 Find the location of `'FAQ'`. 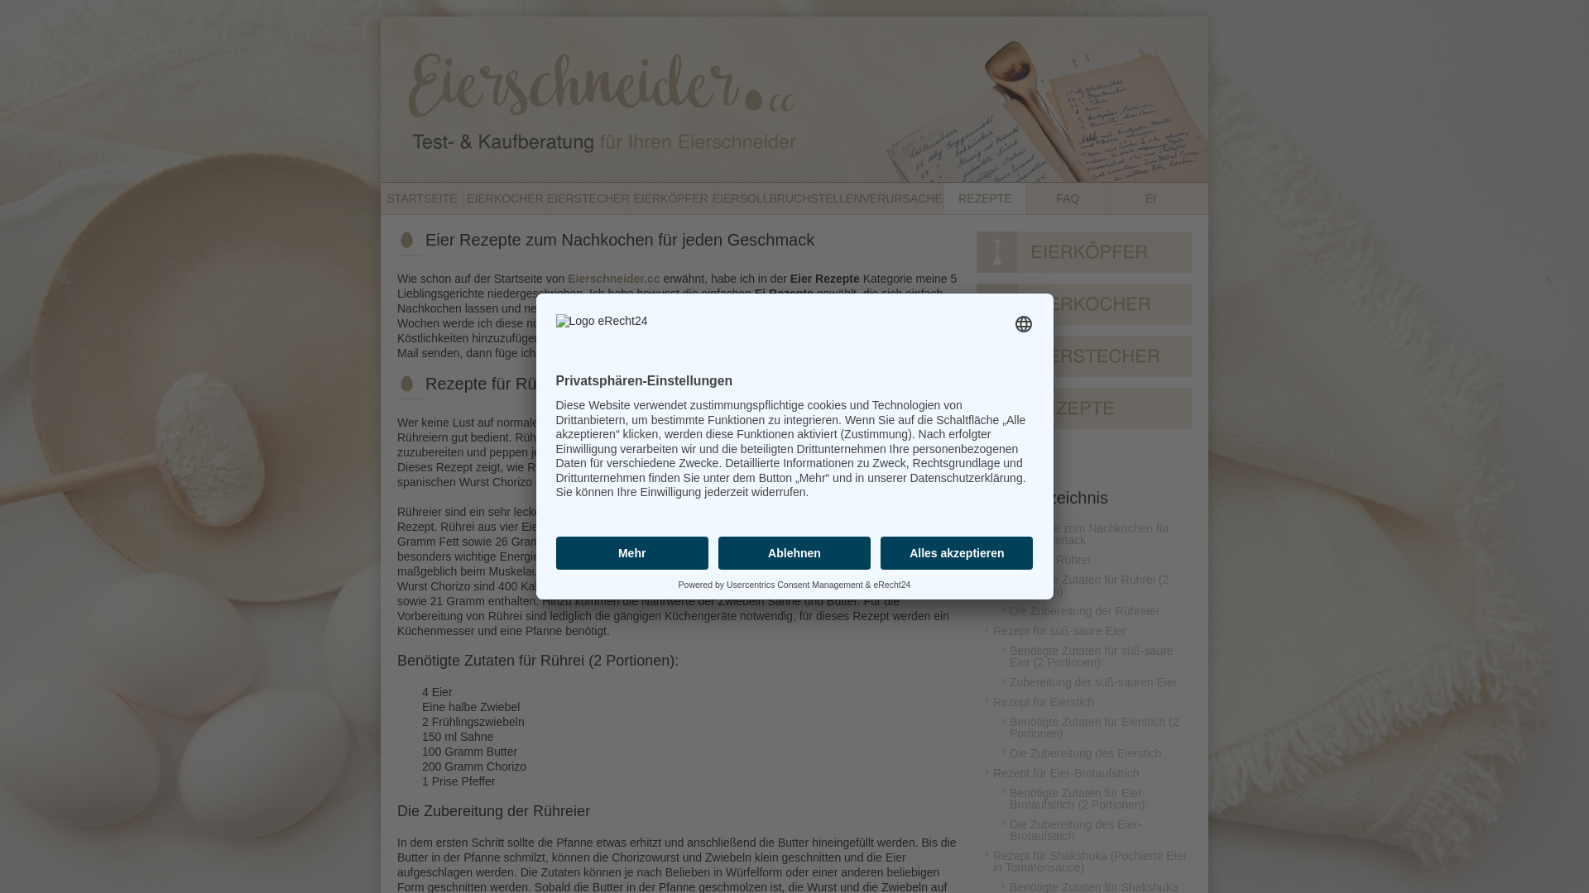

'FAQ' is located at coordinates (1084, 465).